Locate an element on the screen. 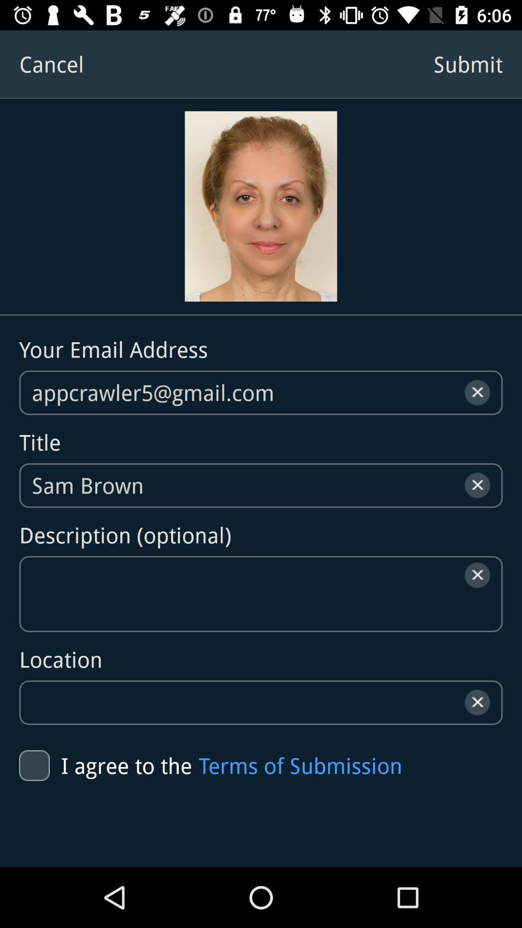 This screenshot has height=928, width=522. the close icon is located at coordinates (477, 702).